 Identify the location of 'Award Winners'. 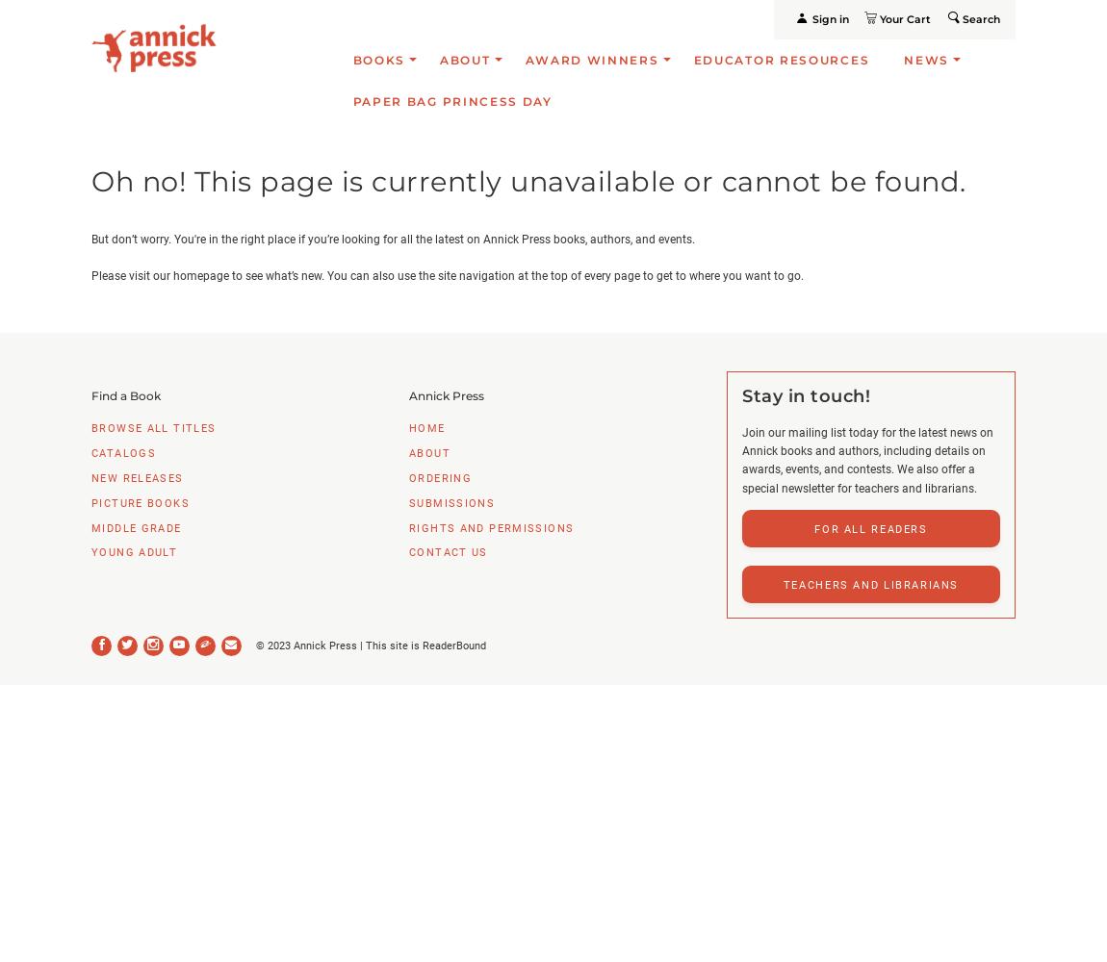
(590, 59).